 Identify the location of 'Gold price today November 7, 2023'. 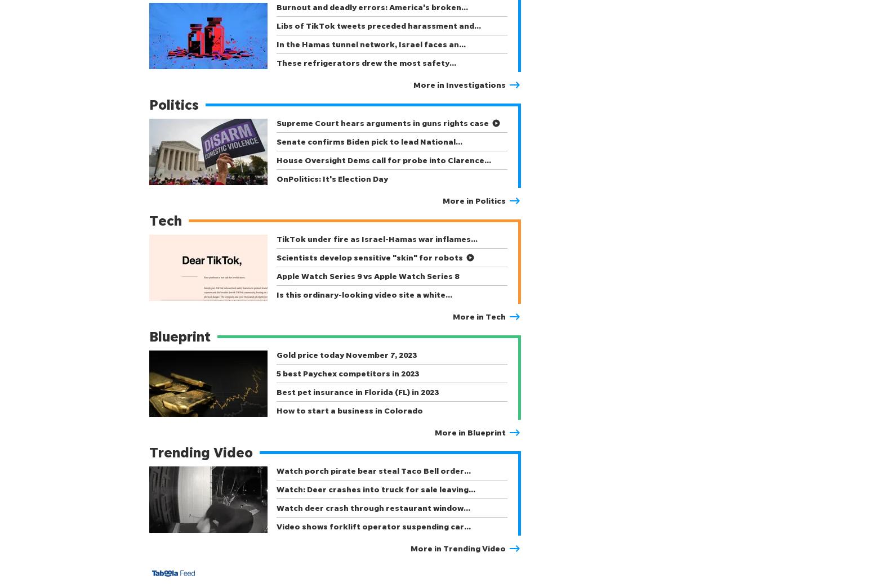
(346, 354).